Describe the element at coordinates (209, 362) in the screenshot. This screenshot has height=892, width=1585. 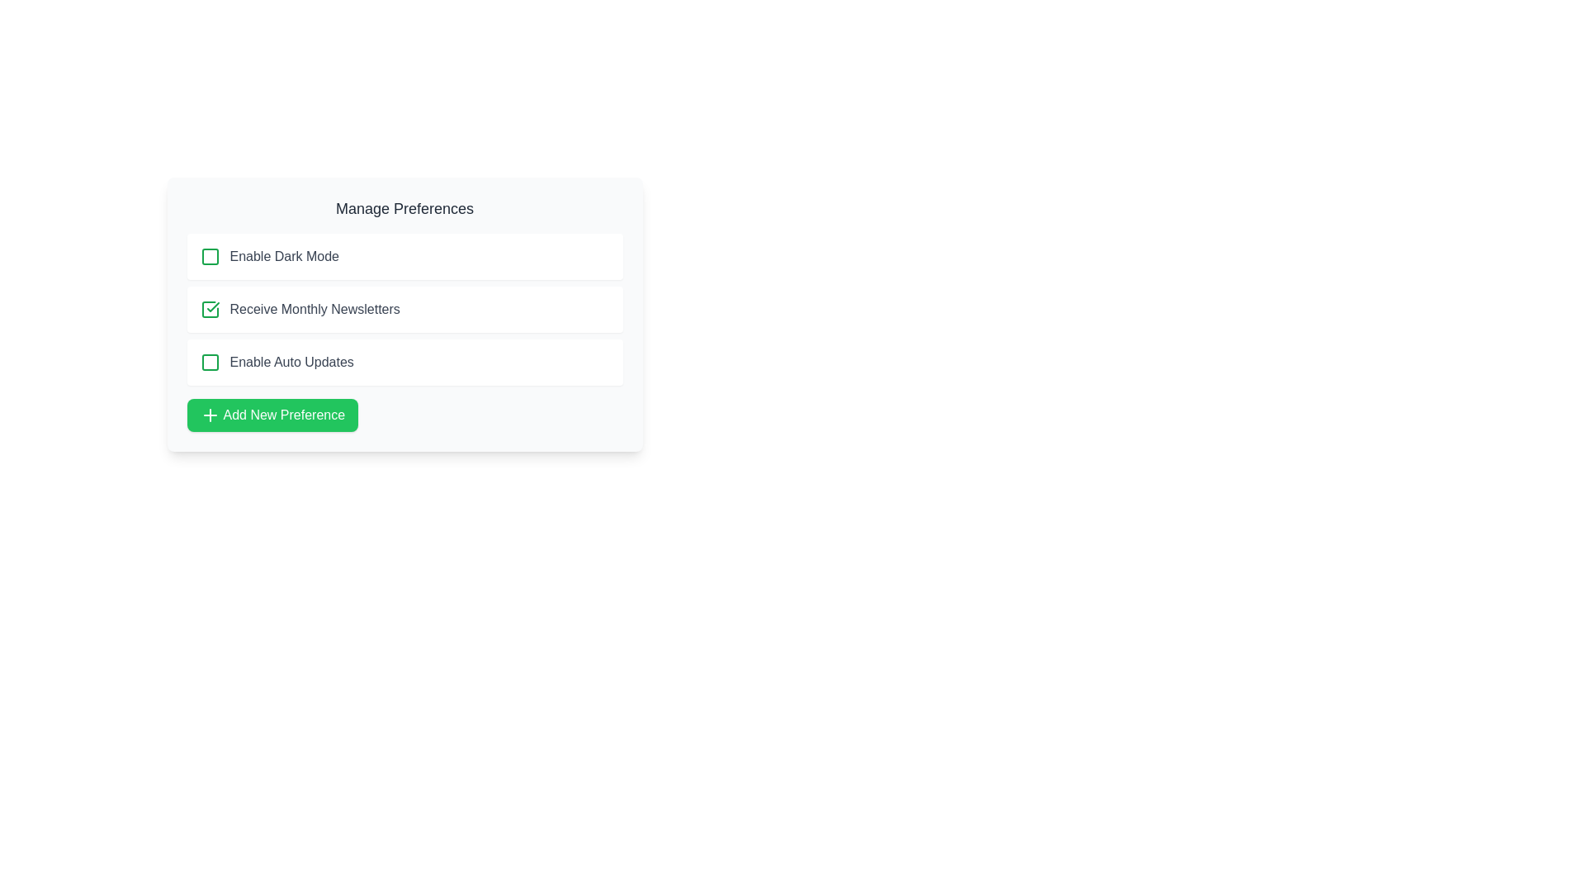
I see `the green-bordered checkbox icon located to the left of the text 'Enable Auto Updates'` at that location.